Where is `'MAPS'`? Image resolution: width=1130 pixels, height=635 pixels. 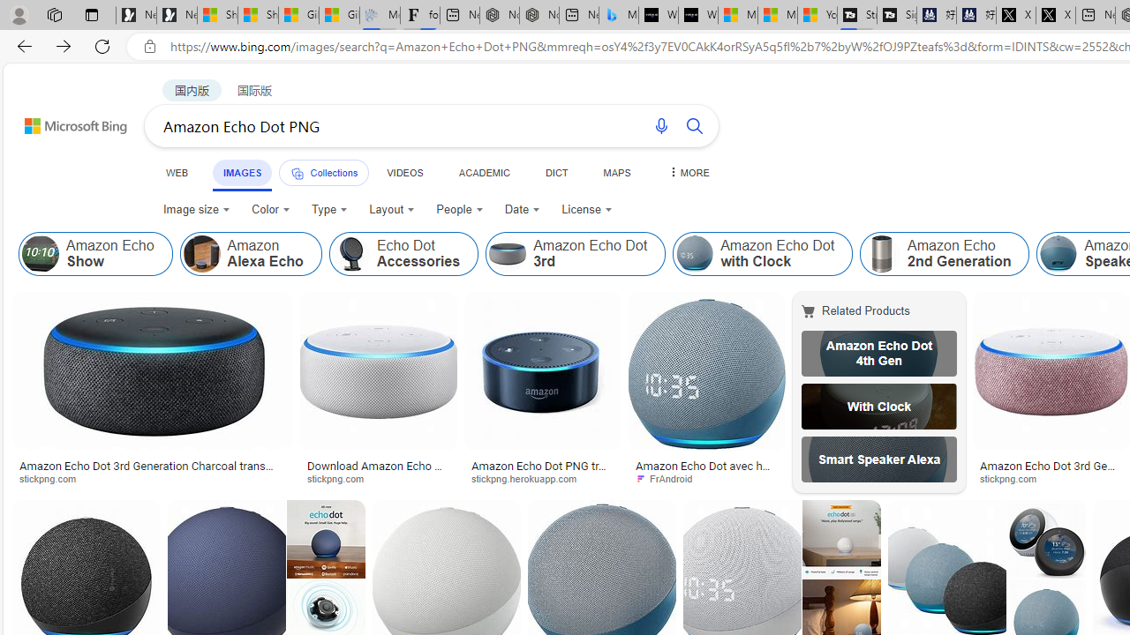
'MAPS' is located at coordinates (616, 172).